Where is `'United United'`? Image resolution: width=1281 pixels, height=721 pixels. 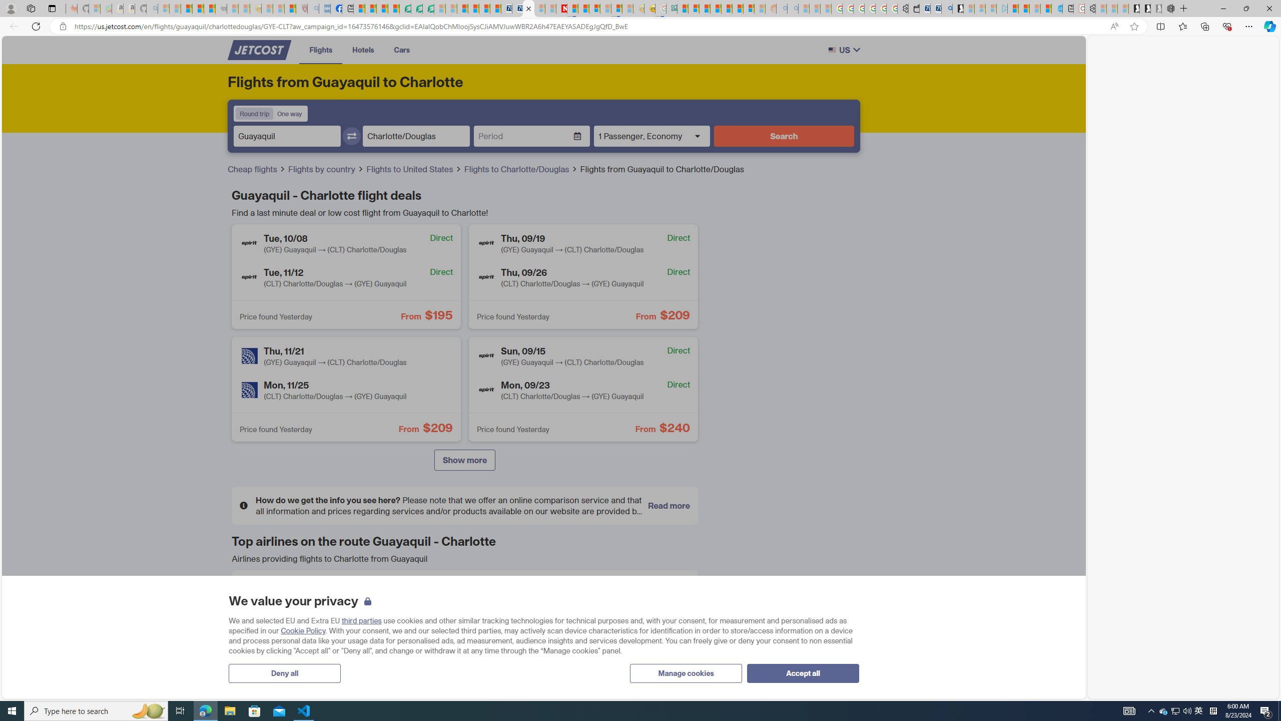
'United United' is located at coordinates (314, 666).